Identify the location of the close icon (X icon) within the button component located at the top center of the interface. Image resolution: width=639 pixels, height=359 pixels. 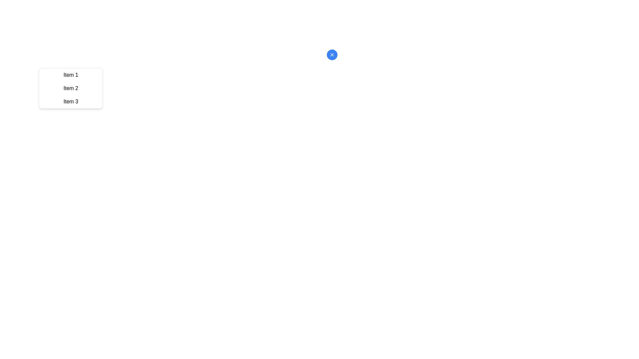
(332, 55).